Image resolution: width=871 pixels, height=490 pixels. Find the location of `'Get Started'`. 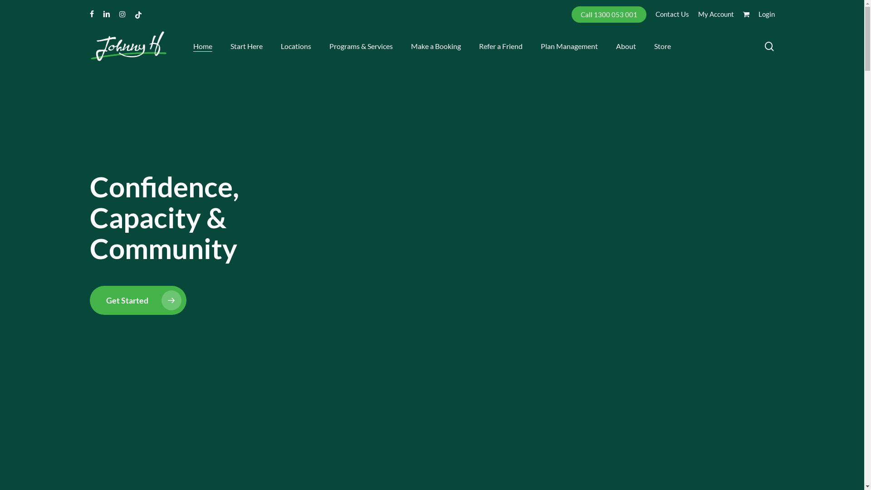

'Get Started' is located at coordinates (137, 300).